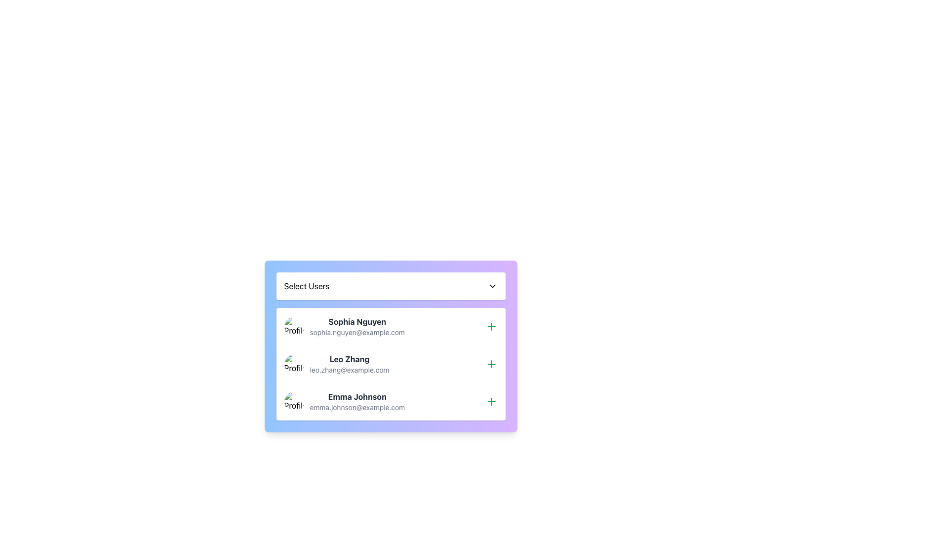  I want to click on the text label displaying 'Leo Zhang' in bold dark gray font, located in the second user card of the selection list, above the email address 'leo.zhang@example.com', so click(349, 359).